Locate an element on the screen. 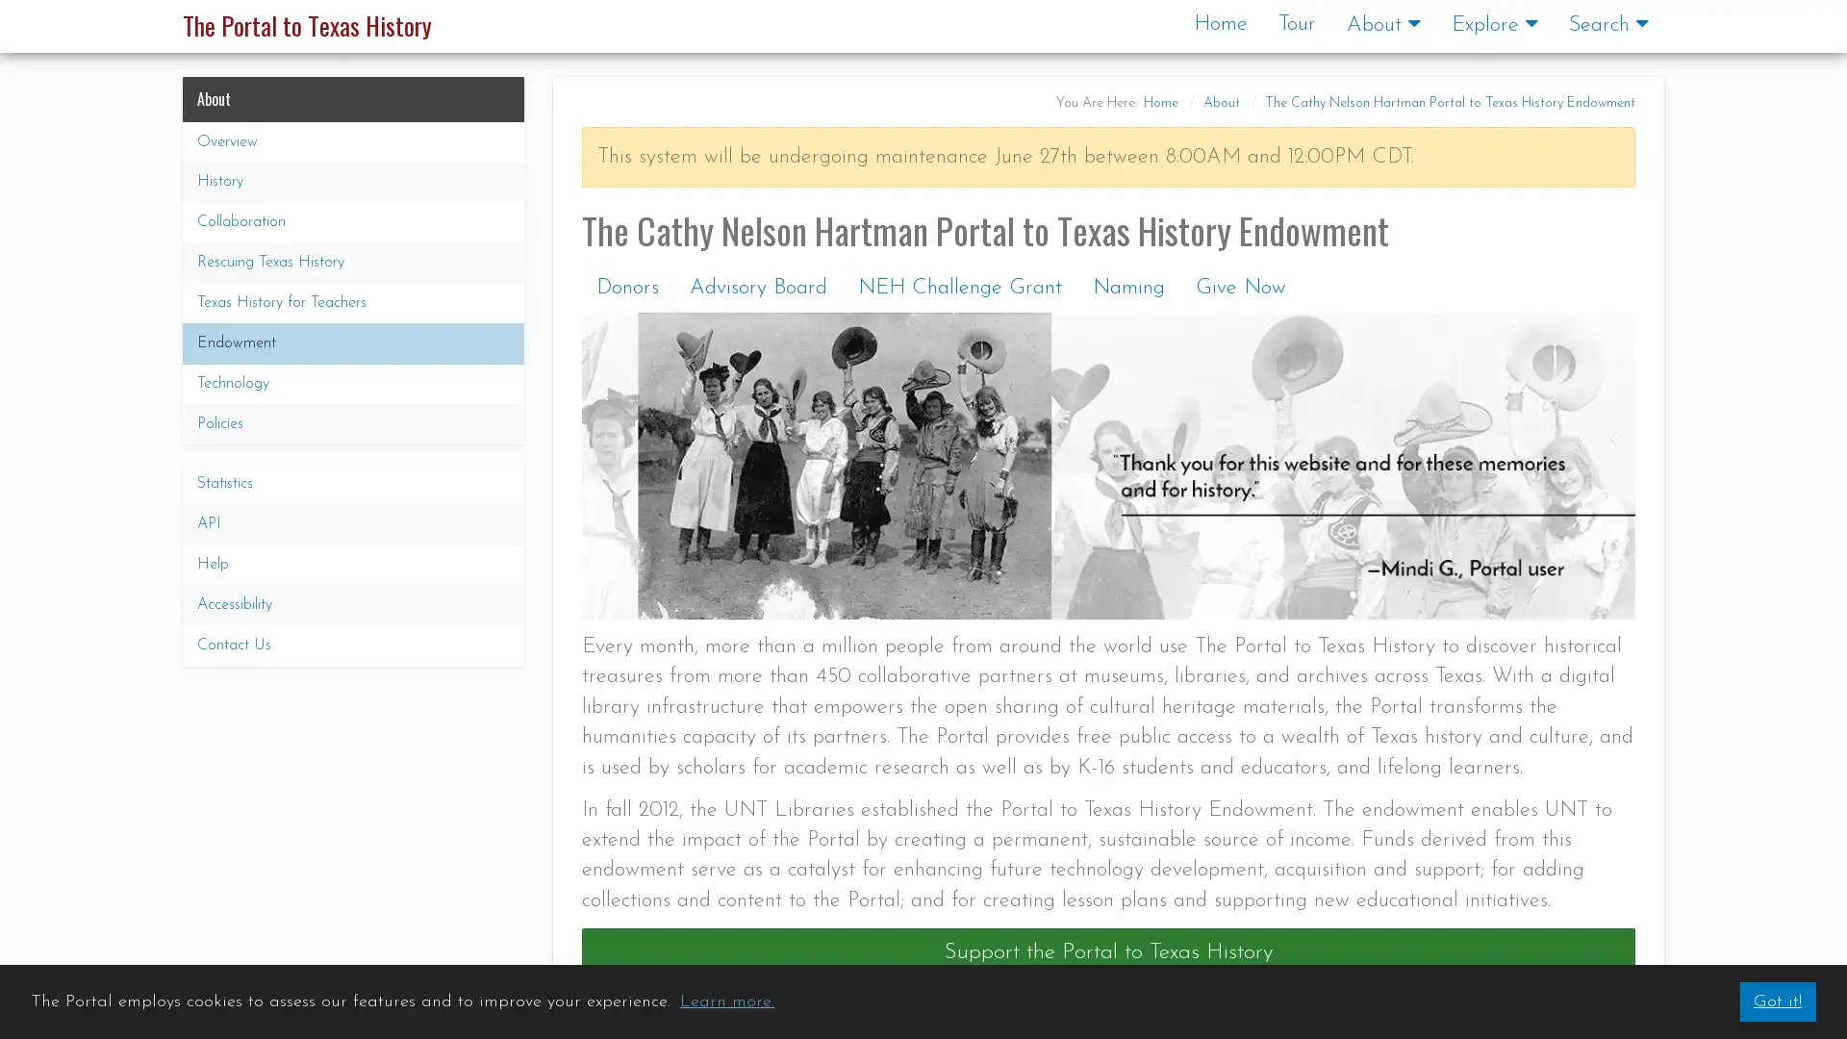 The image size is (1847, 1039). dismiss cookie message is located at coordinates (1776, 1001).